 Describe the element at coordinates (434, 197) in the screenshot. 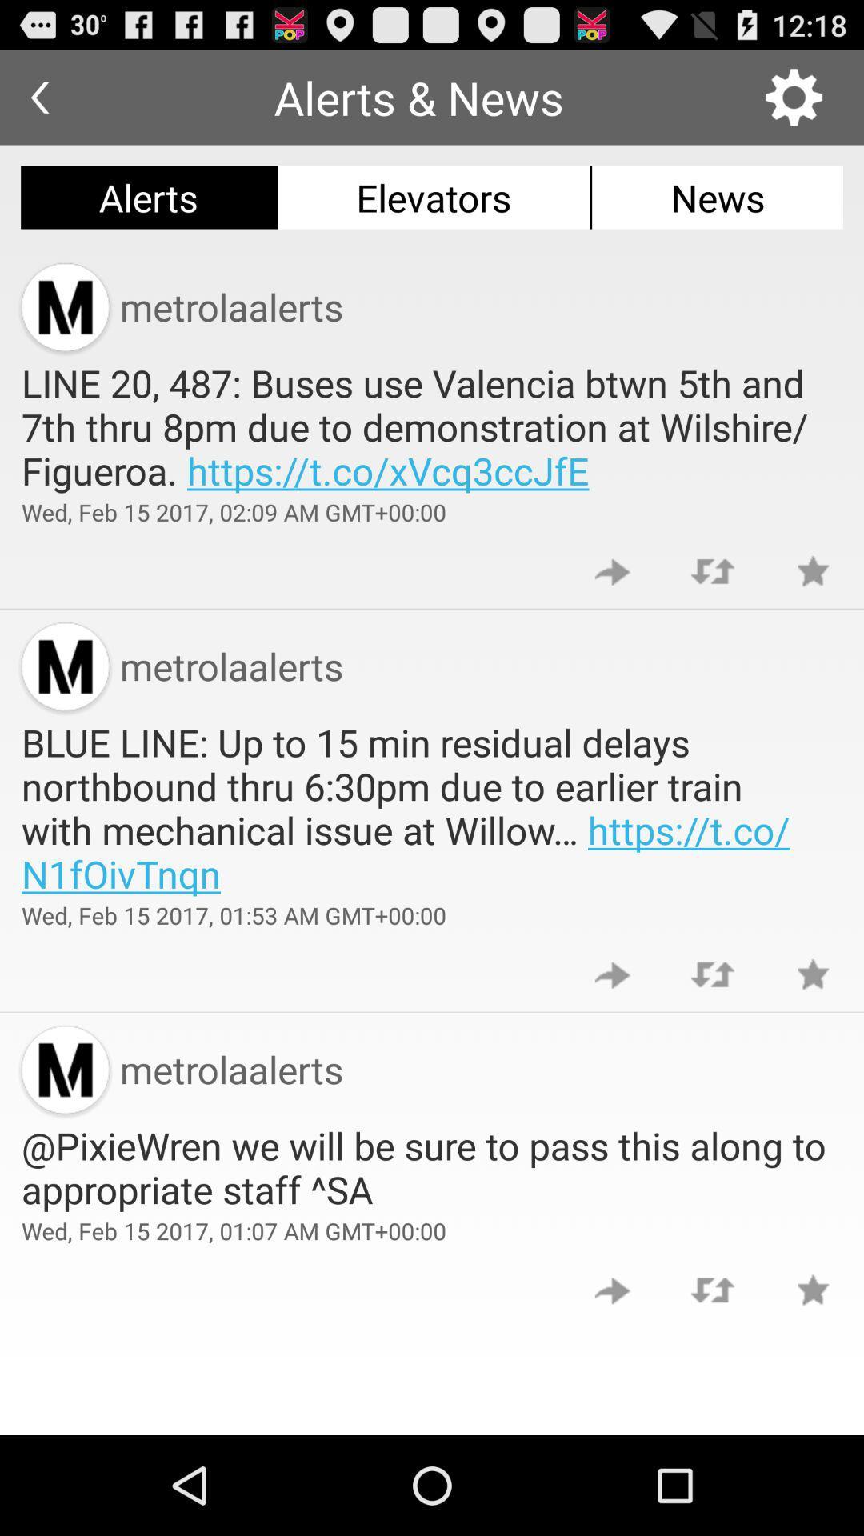

I see `elevators` at that location.